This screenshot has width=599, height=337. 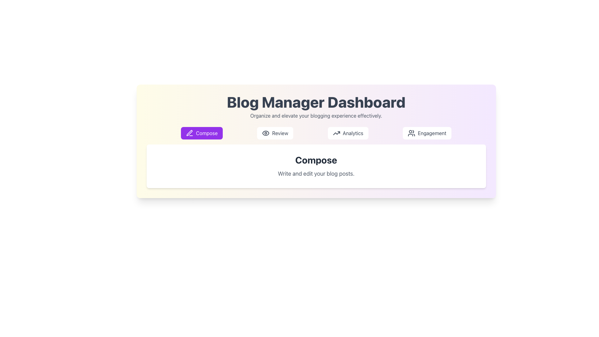 What do you see at coordinates (266, 133) in the screenshot?
I see `the 'Review' button which contains an eye-shaped icon` at bounding box center [266, 133].